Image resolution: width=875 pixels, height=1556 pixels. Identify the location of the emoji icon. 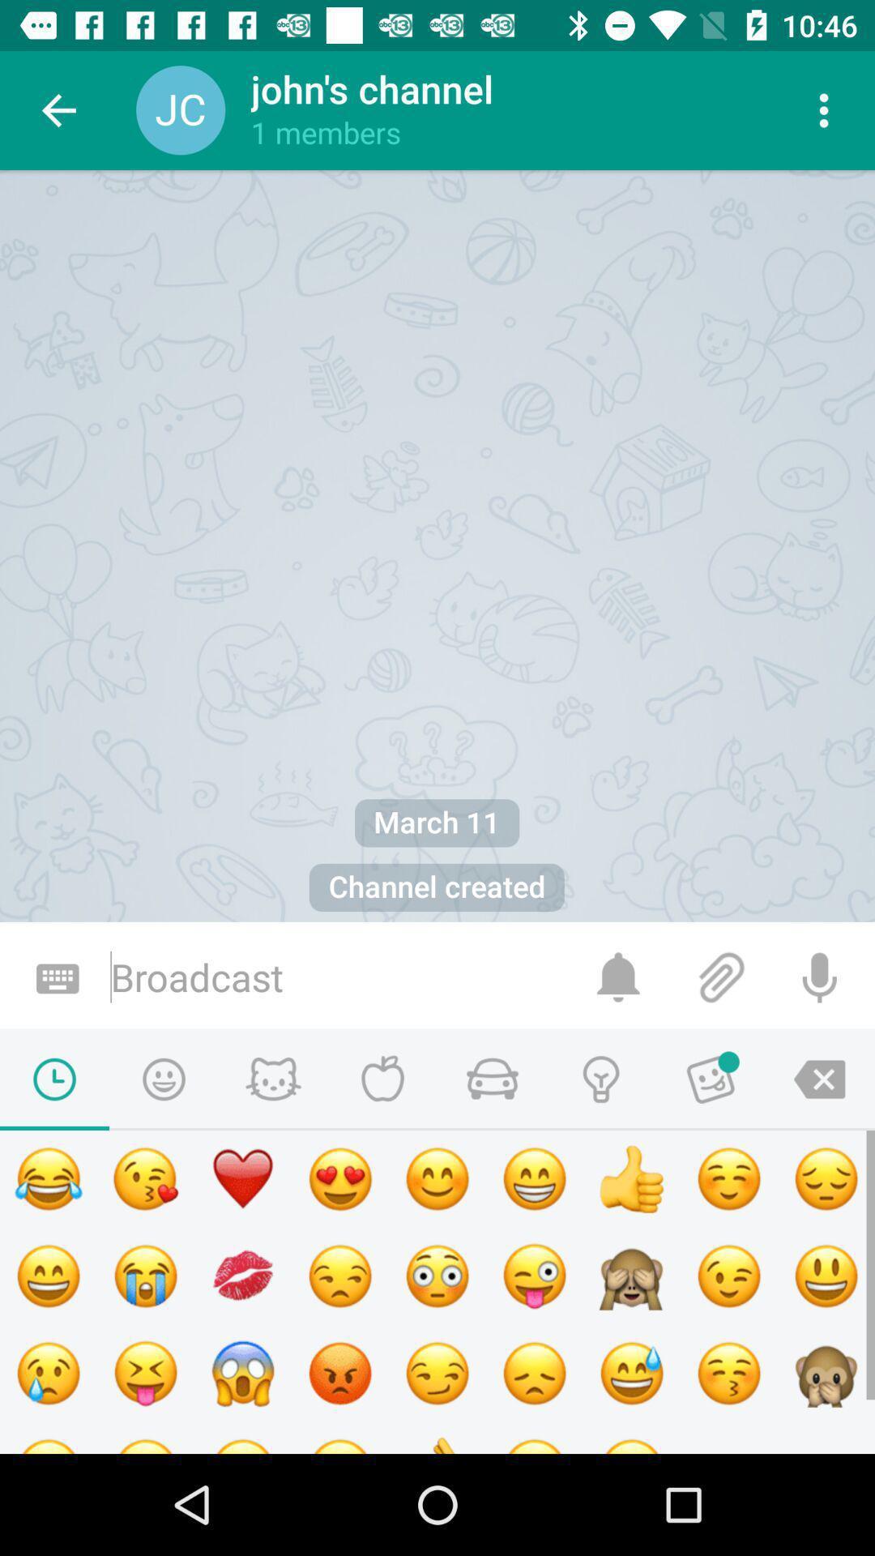
(437, 1178).